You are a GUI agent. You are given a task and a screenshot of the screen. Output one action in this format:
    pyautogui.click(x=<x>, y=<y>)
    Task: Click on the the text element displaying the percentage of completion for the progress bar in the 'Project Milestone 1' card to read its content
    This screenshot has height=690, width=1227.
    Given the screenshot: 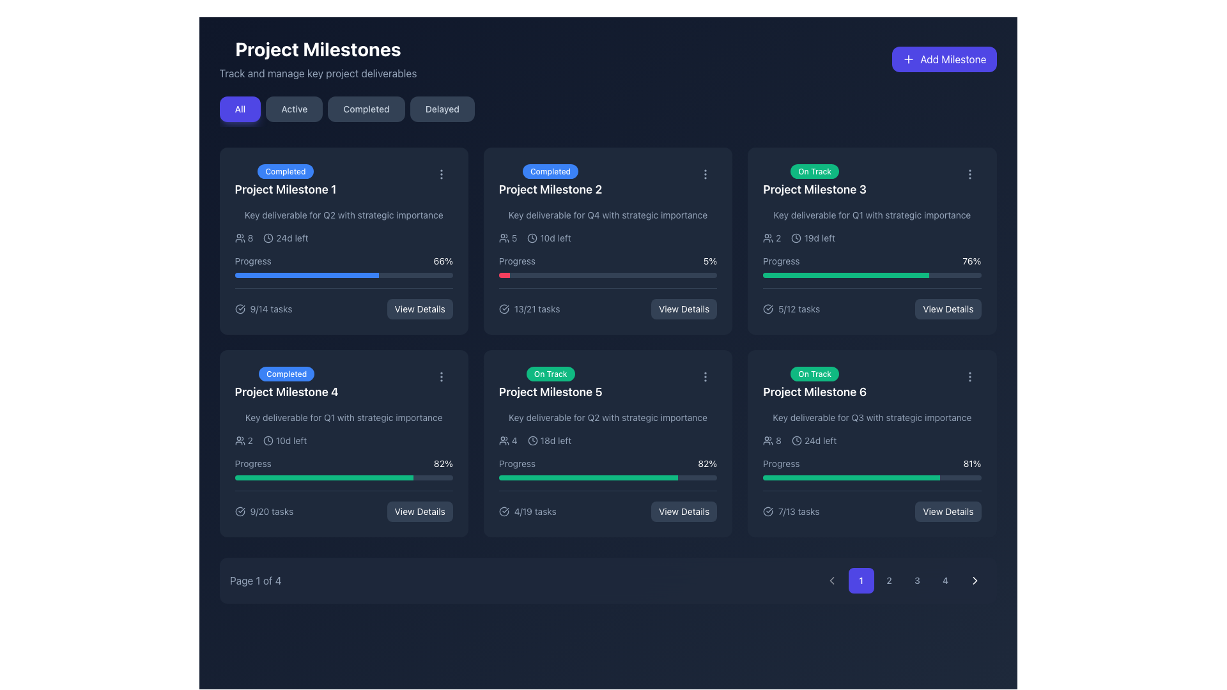 What is the action you would take?
    pyautogui.click(x=443, y=260)
    